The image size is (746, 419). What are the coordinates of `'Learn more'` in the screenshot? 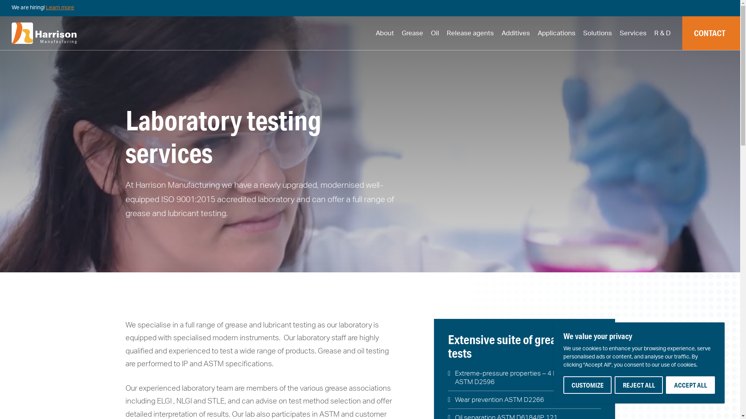 It's located at (45, 7).